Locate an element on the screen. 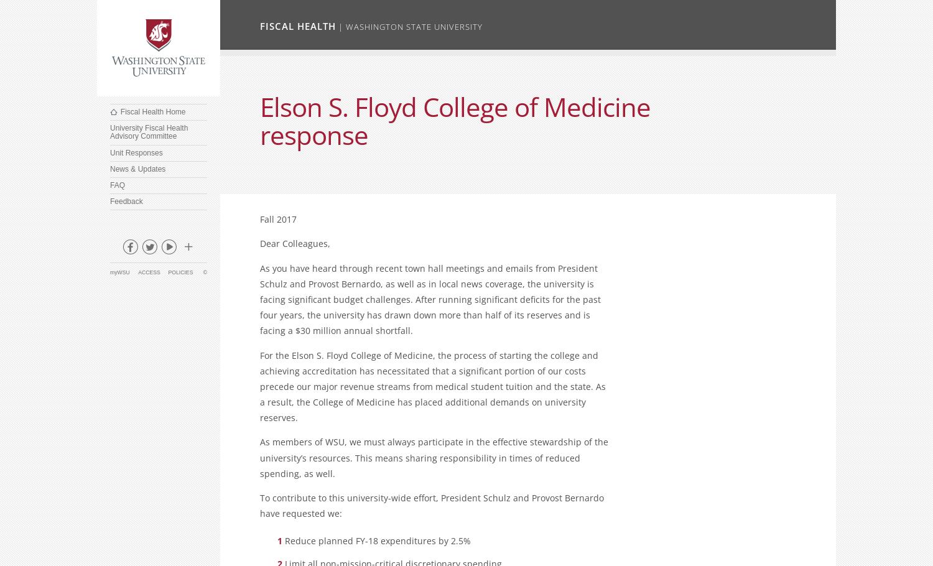  'Fall 2017' is located at coordinates (277, 218).